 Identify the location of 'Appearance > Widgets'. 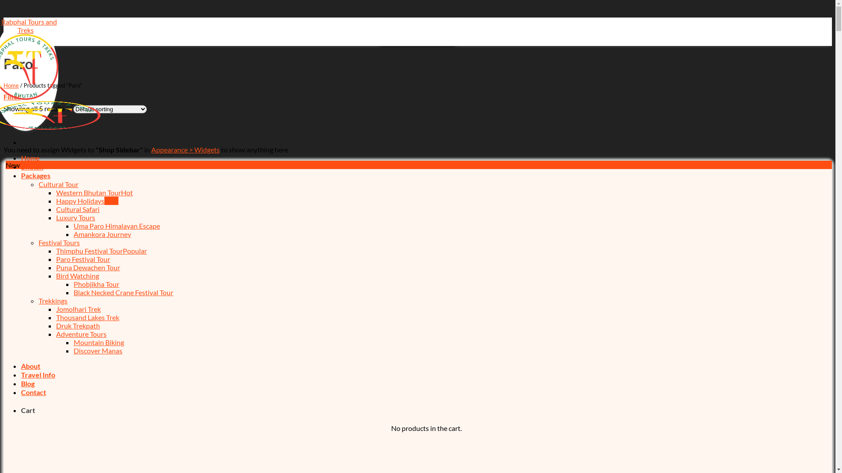
(185, 149).